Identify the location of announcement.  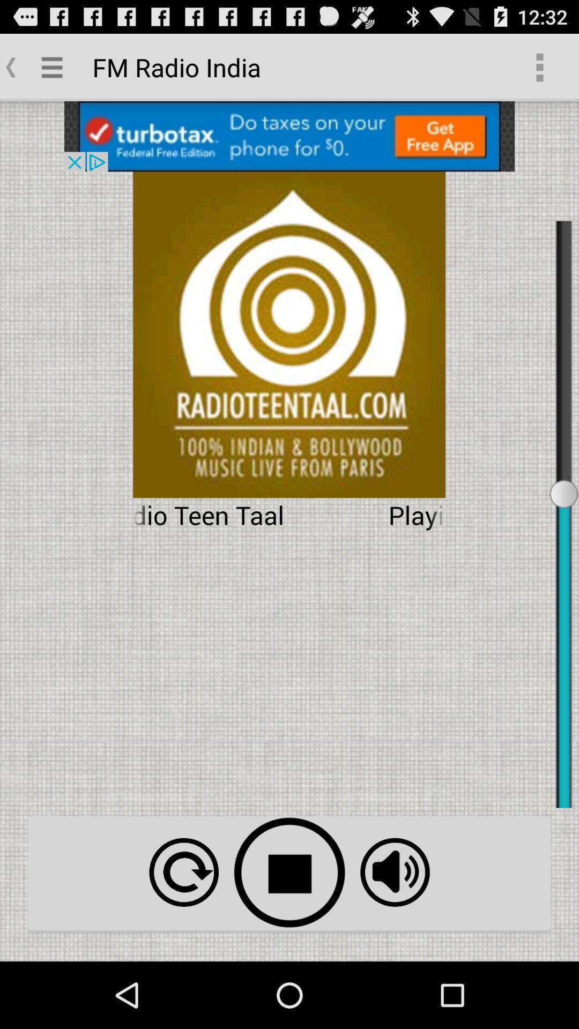
(289, 136).